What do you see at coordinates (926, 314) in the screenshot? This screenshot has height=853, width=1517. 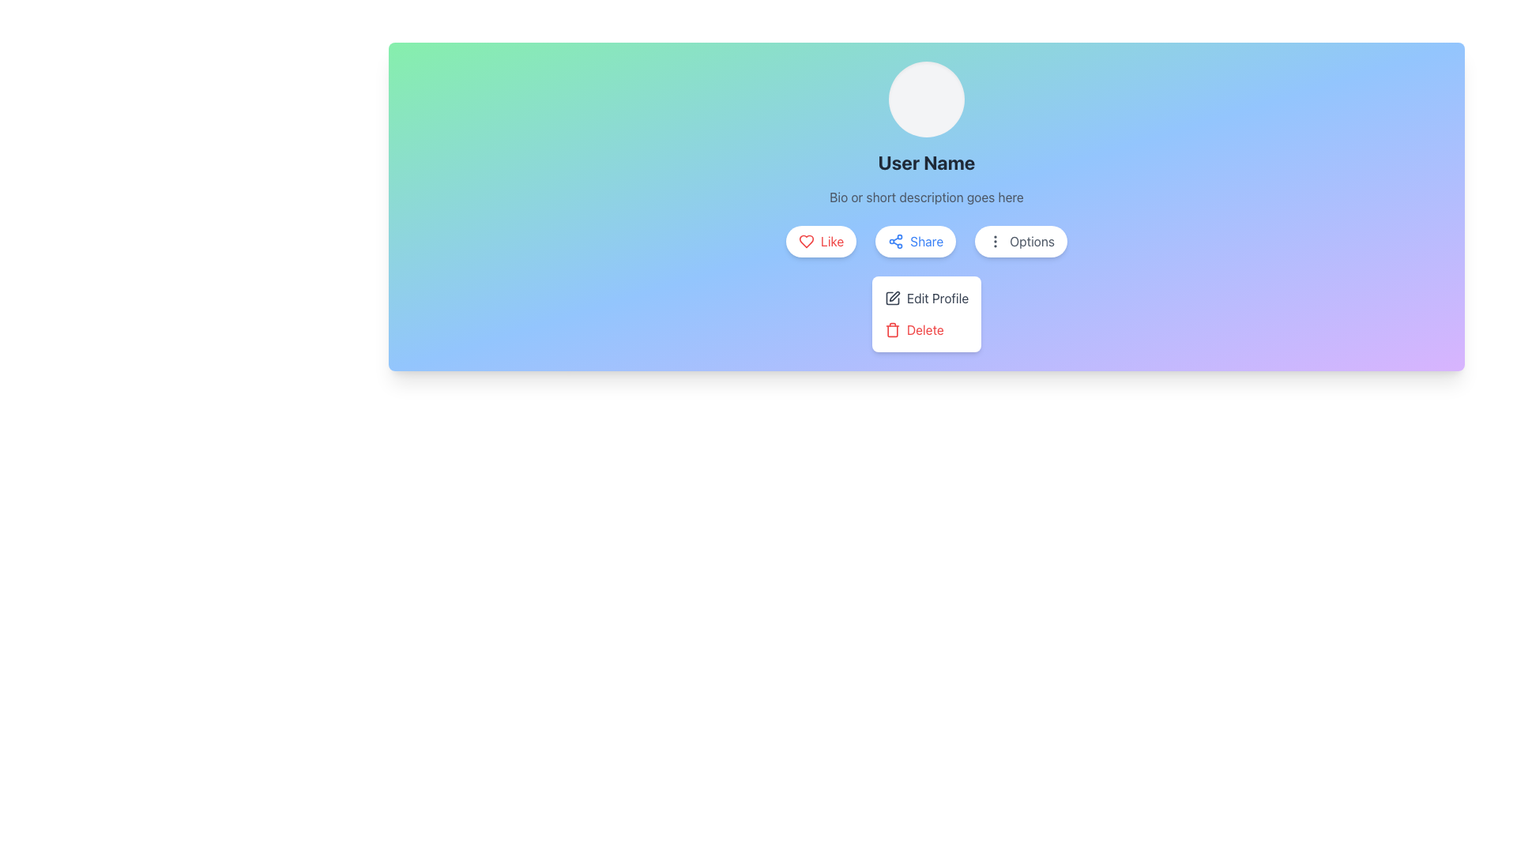 I see `the Grouped Action Panel located beneath the user profile section` at bounding box center [926, 314].